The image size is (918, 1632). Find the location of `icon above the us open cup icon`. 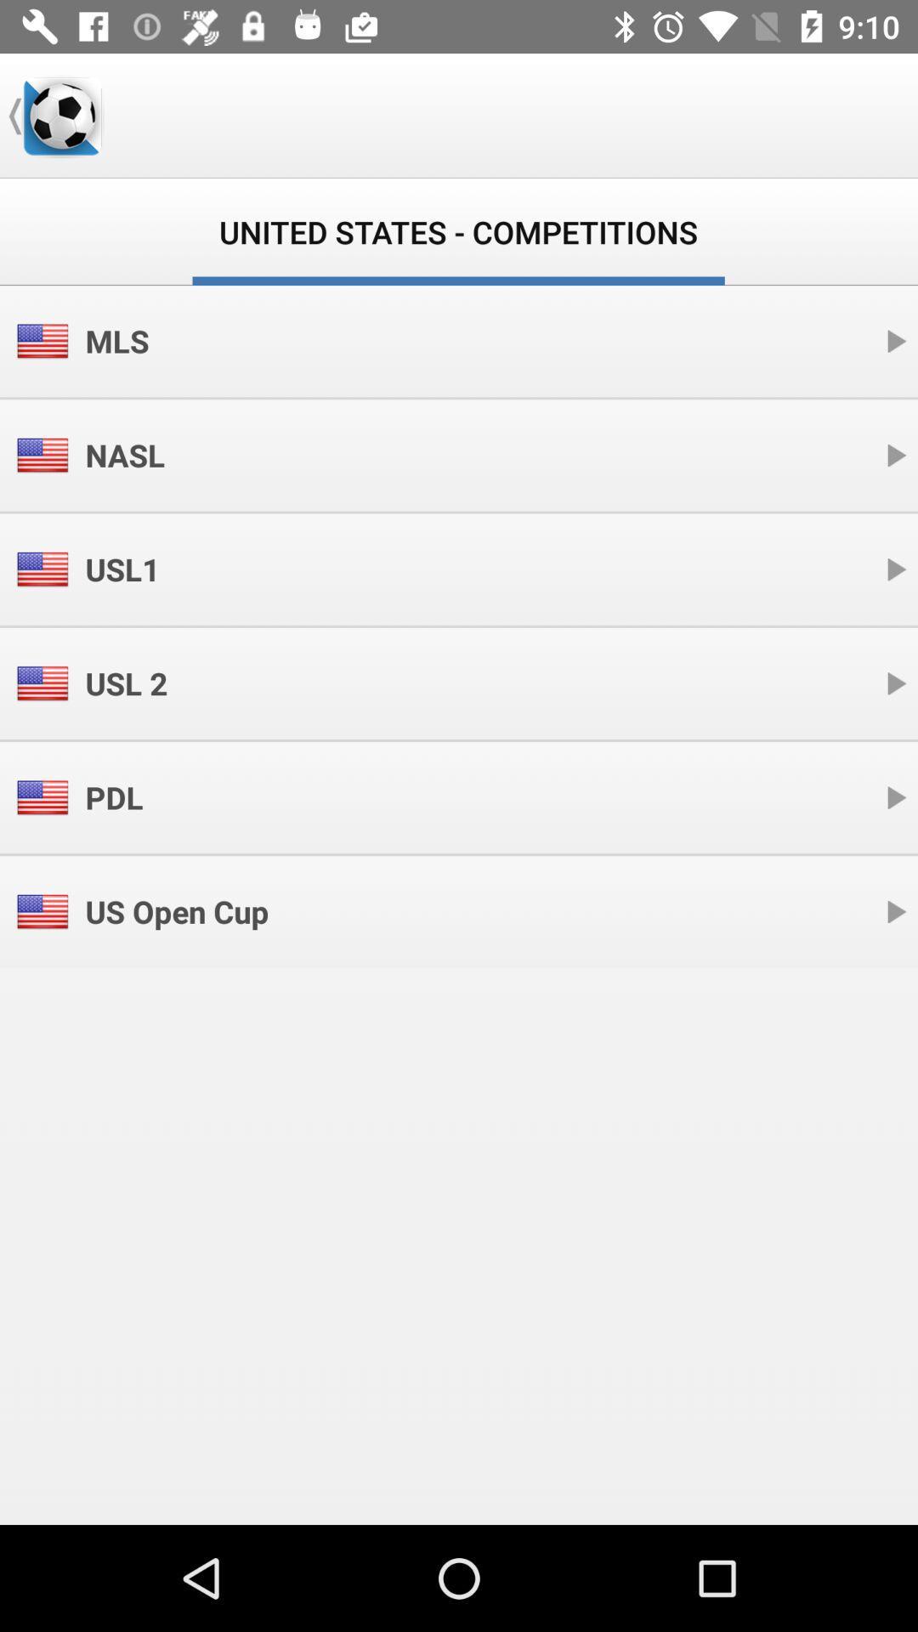

icon above the us open cup icon is located at coordinates (114, 796).